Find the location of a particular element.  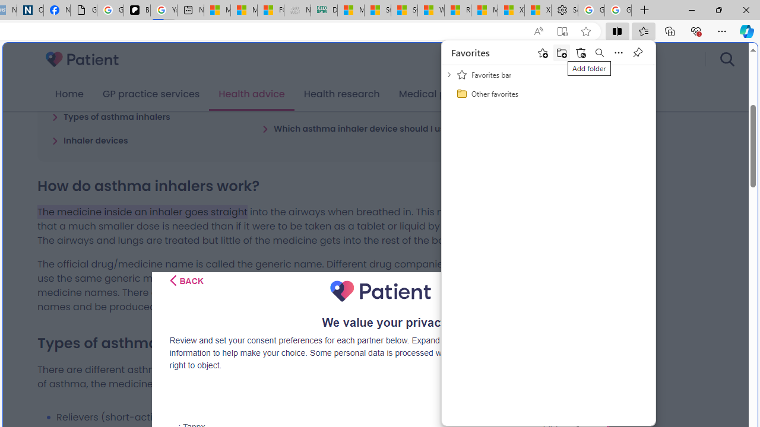

'Add this page to favorites' is located at coordinates (541, 52).